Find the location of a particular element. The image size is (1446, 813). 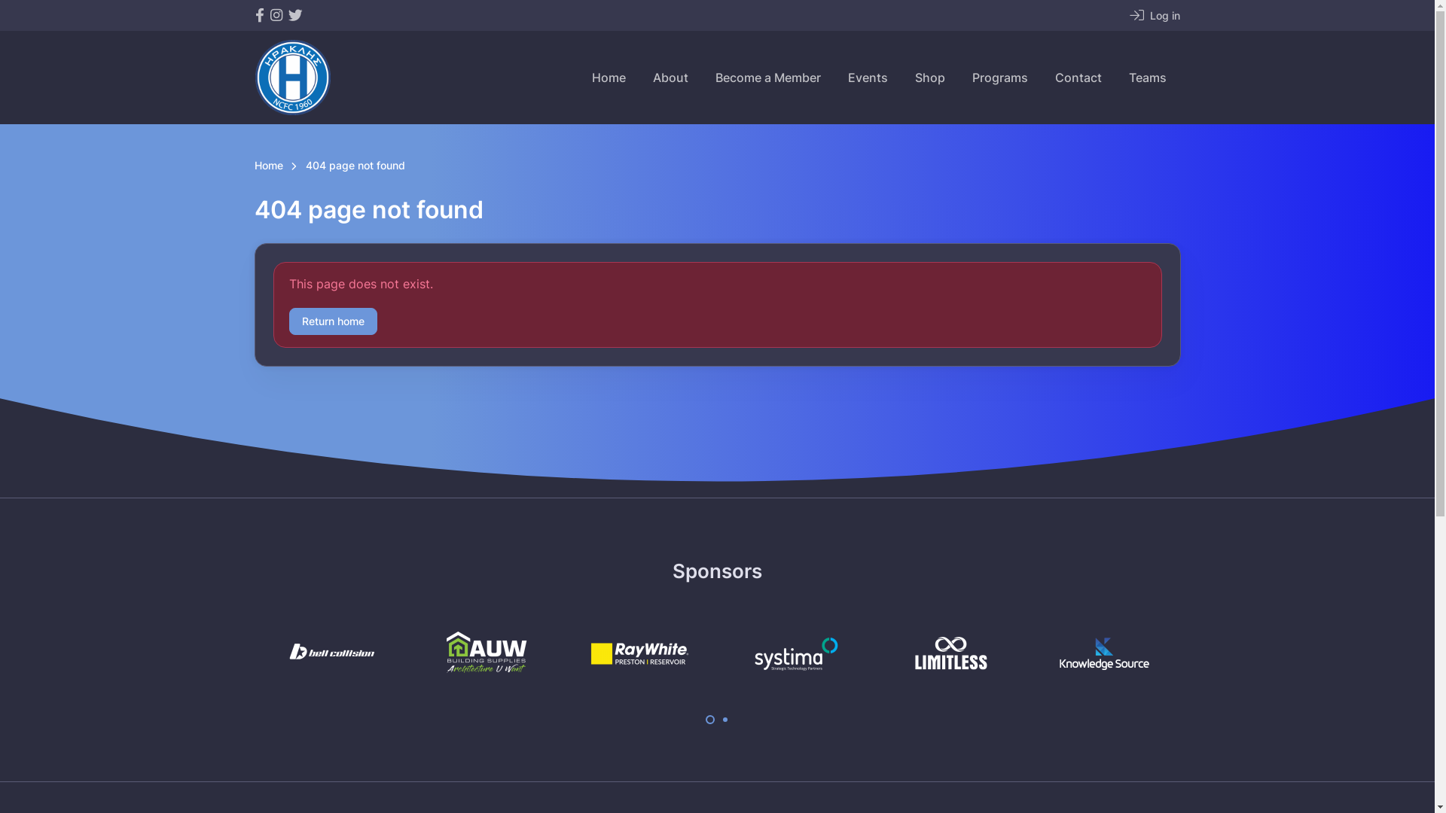

'Contact' is located at coordinates (1076, 78).